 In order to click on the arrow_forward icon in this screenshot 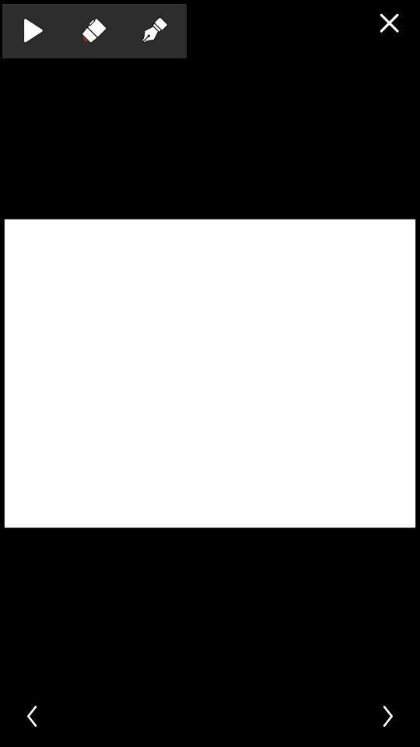, I will do `click(388, 716)`.